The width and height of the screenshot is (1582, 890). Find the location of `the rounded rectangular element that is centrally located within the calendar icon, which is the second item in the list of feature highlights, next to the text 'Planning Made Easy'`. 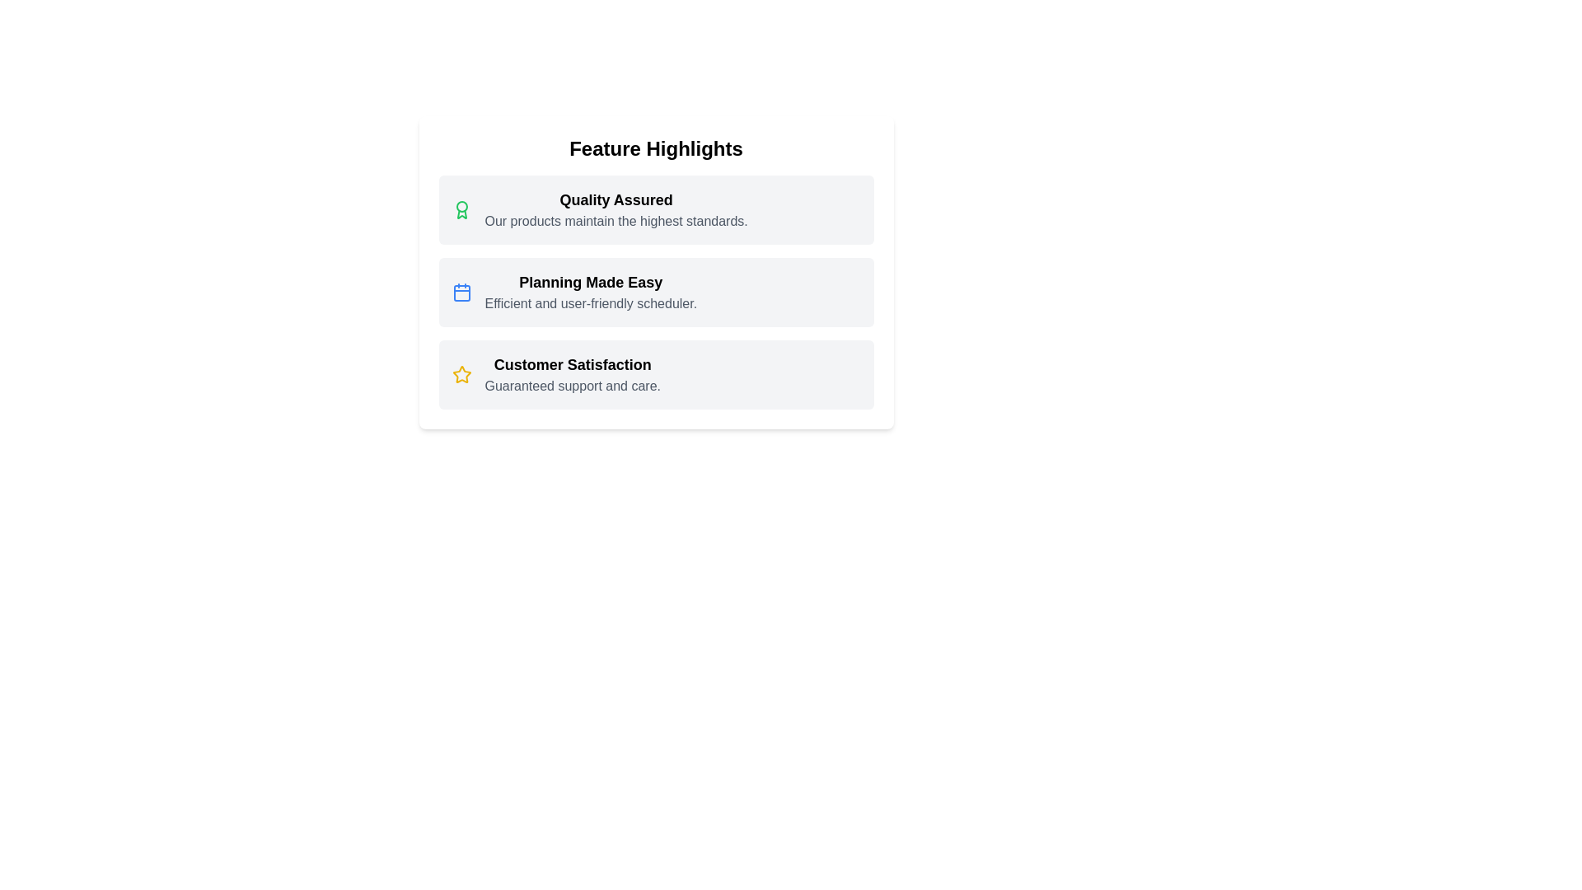

the rounded rectangular element that is centrally located within the calendar icon, which is the second item in the list of feature highlights, next to the text 'Planning Made Easy' is located at coordinates (461, 292).